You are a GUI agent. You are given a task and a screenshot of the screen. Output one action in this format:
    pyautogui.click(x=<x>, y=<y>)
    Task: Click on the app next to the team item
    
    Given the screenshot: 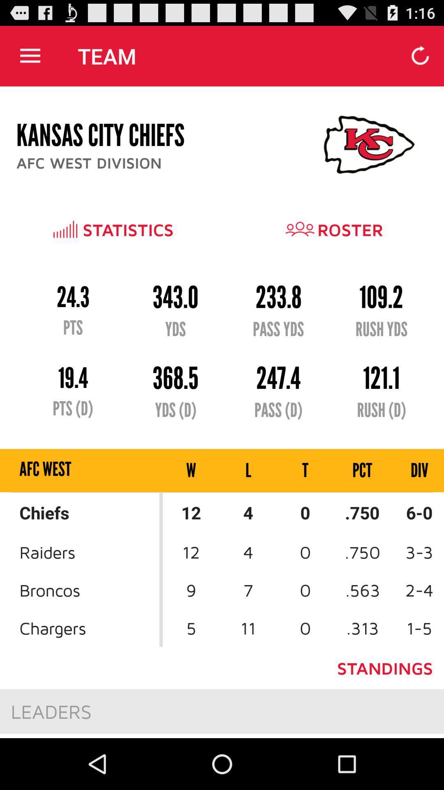 What is the action you would take?
    pyautogui.click(x=30, y=56)
    